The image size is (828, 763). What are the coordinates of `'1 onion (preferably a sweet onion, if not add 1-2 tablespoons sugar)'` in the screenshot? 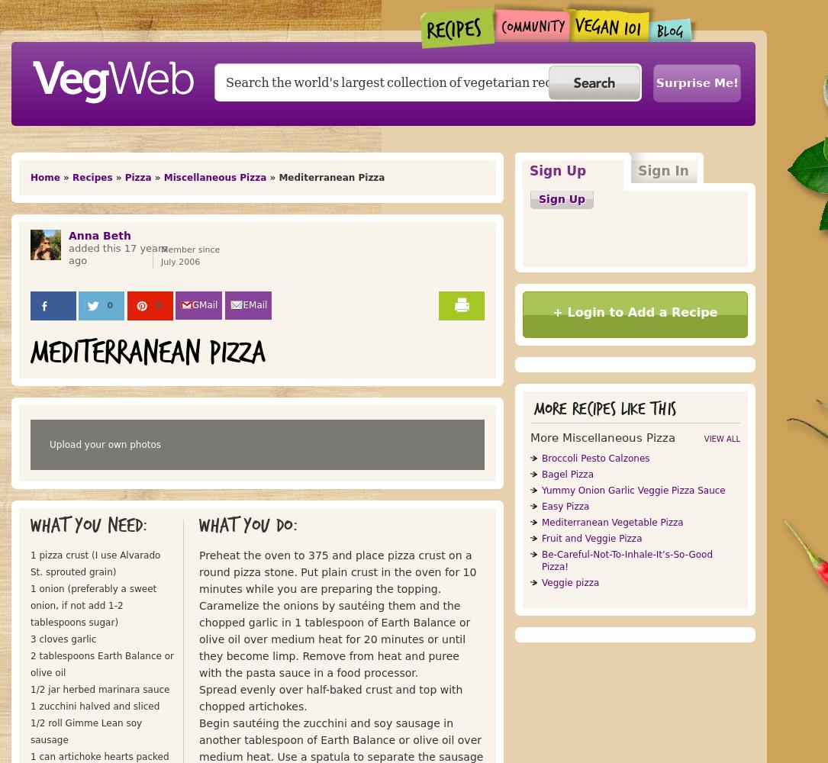 It's located at (92, 606).